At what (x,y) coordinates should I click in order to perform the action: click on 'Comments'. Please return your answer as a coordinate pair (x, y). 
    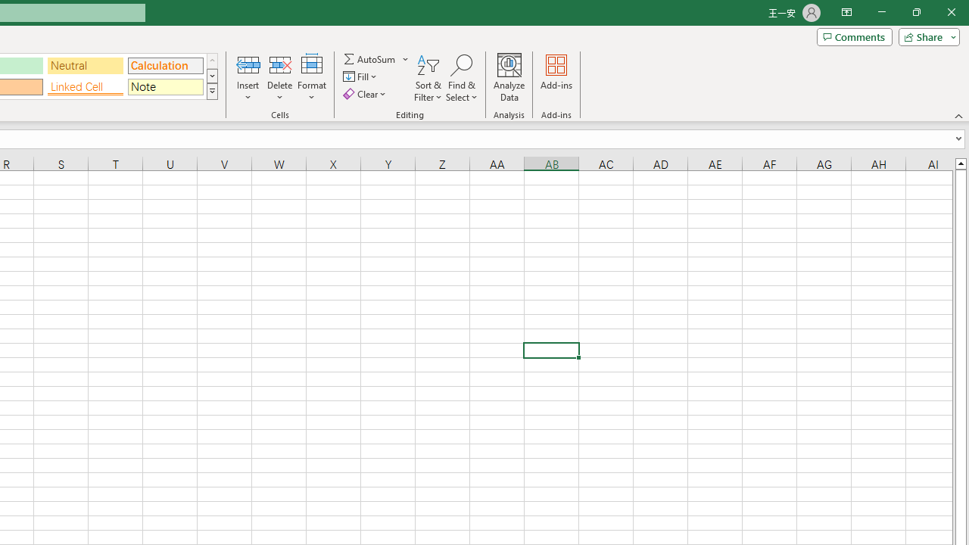
    Looking at the image, I should click on (854, 36).